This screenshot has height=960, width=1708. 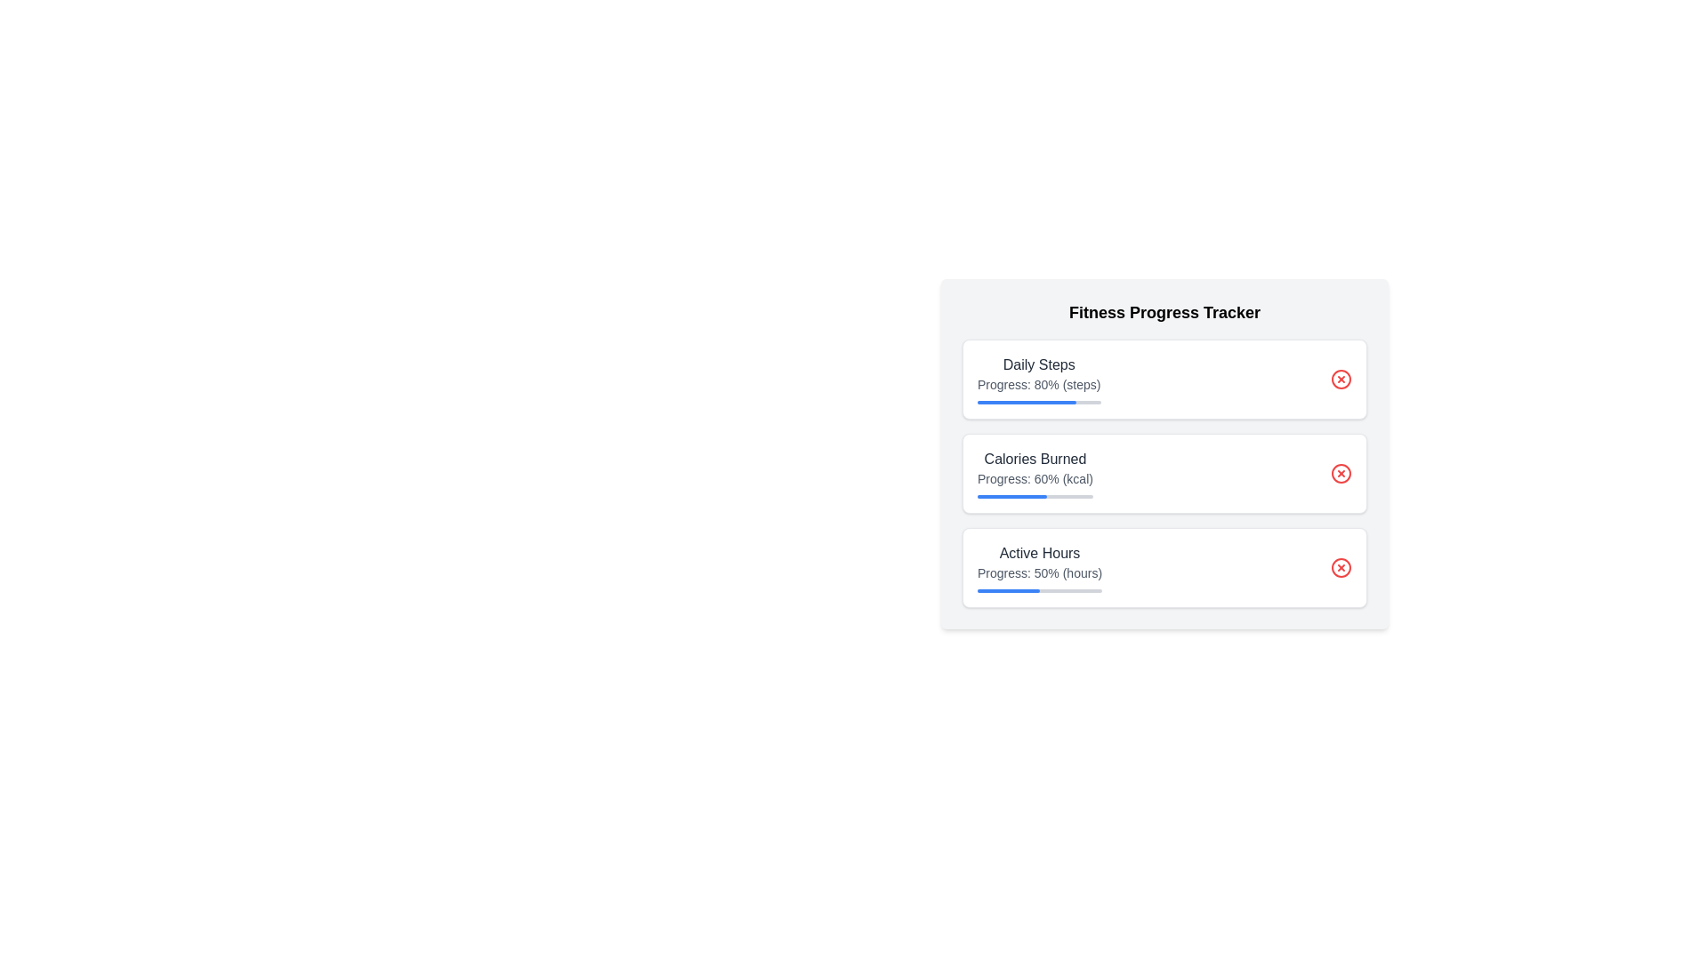 I want to click on the Progress Bar with Text Information located at the bottom of the 'Fitness Progress Tracker' card, which visually represents progress made in active hours, so click(x=1040, y=568).